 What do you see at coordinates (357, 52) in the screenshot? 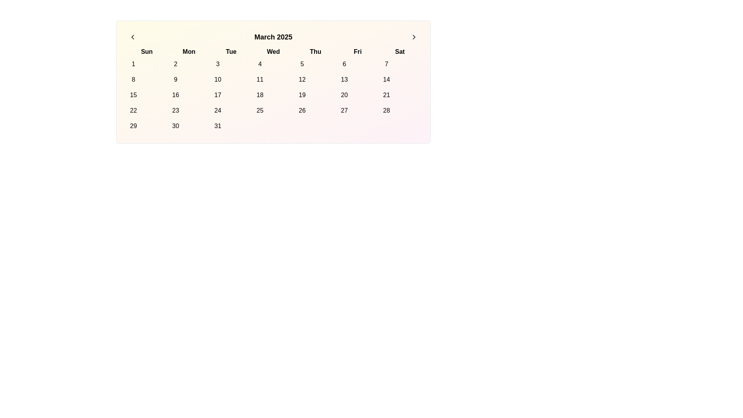
I see `the text label representing 'Friday' in the weekly calendar layout, located between 'Thu' and 'Sat'` at bounding box center [357, 52].